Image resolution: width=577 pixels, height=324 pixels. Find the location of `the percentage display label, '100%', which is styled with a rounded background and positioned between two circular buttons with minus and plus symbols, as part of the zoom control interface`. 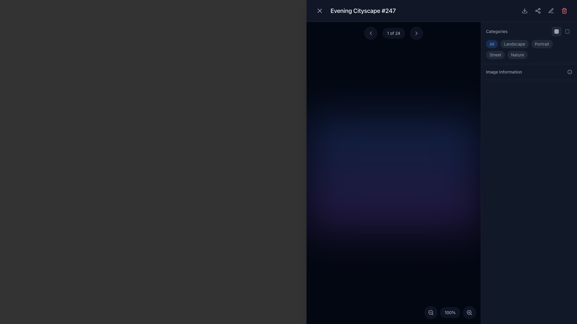

the percentage display label, '100%', which is styled with a rounded background and positioned between two circular buttons with minus and plus symbols, as part of the zoom control interface is located at coordinates (450, 312).